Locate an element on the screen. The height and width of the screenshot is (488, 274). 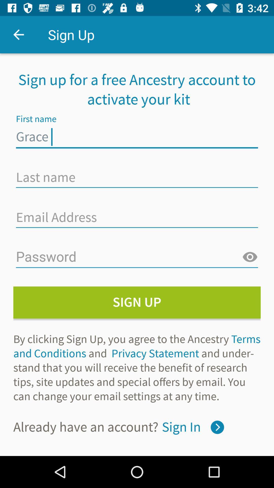
show/hide password is located at coordinates (250, 257).